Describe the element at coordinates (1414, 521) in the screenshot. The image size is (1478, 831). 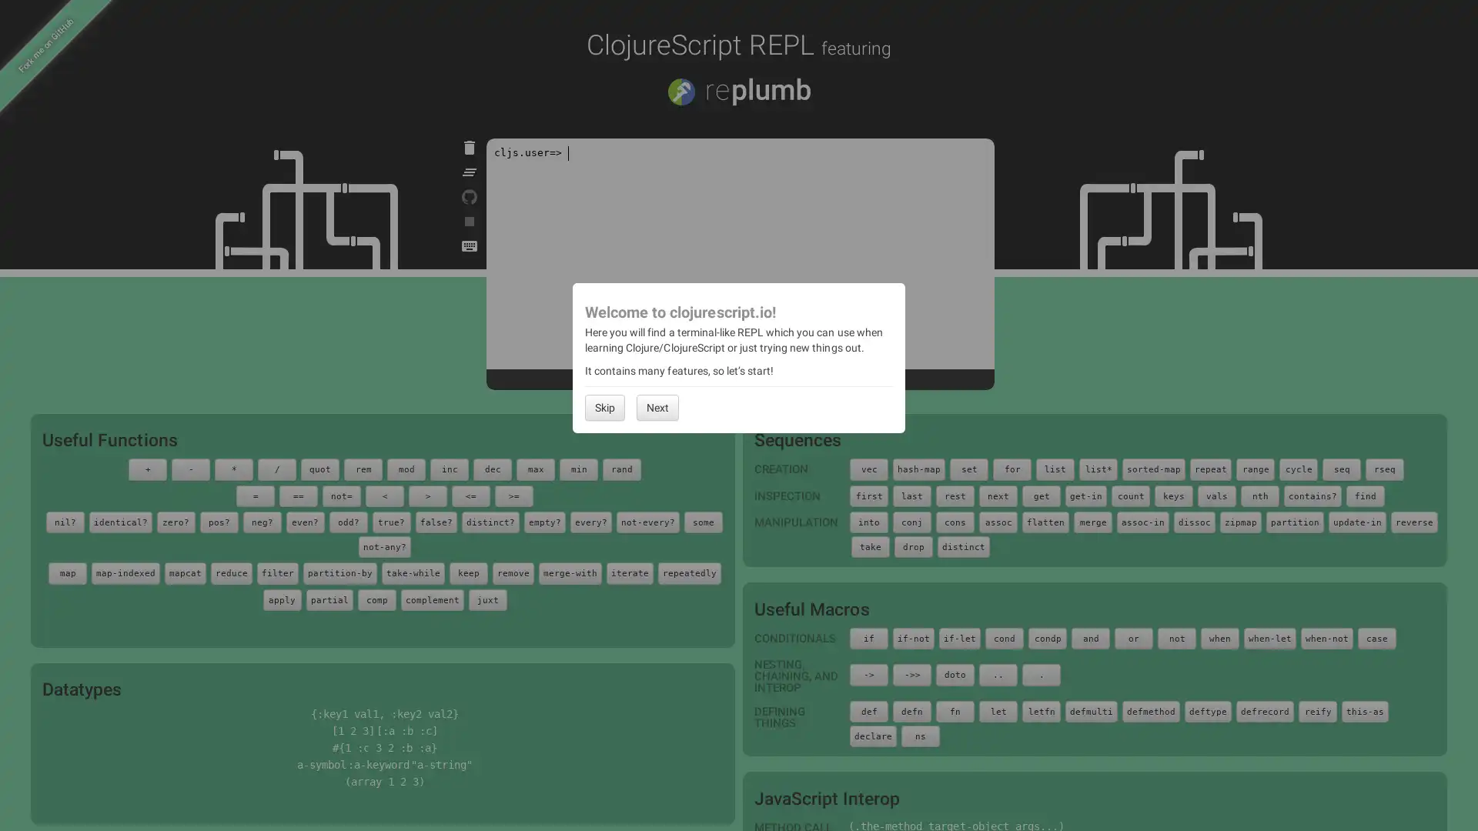
I see `reverse` at that location.